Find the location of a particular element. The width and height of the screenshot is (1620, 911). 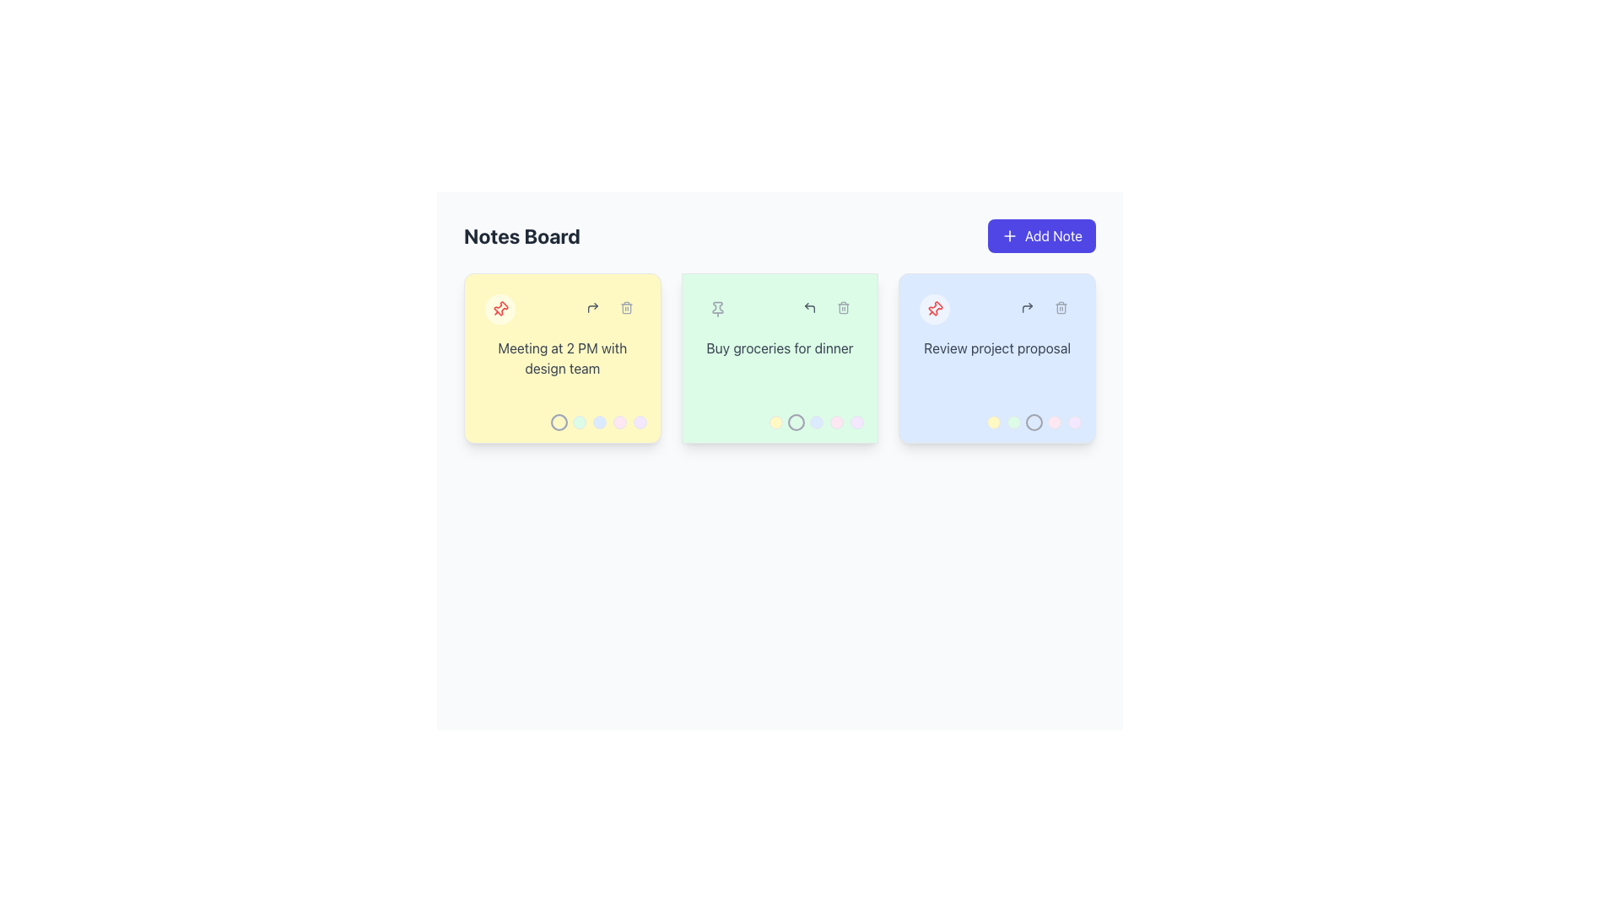

the visual state of the pinned icon representing the important or prioritized note card, which is the second graphical component in the top-left subsection of the interface is located at coordinates (935, 308).